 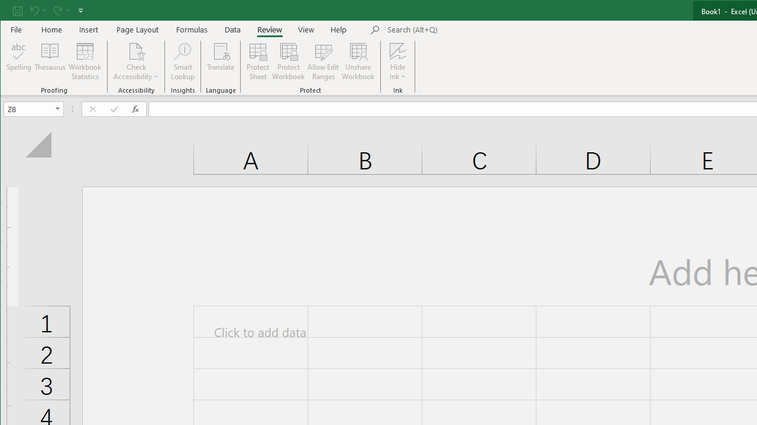 What do you see at coordinates (221, 61) in the screenshot?
I see `'Translate'` at bounding box center [221, 61].